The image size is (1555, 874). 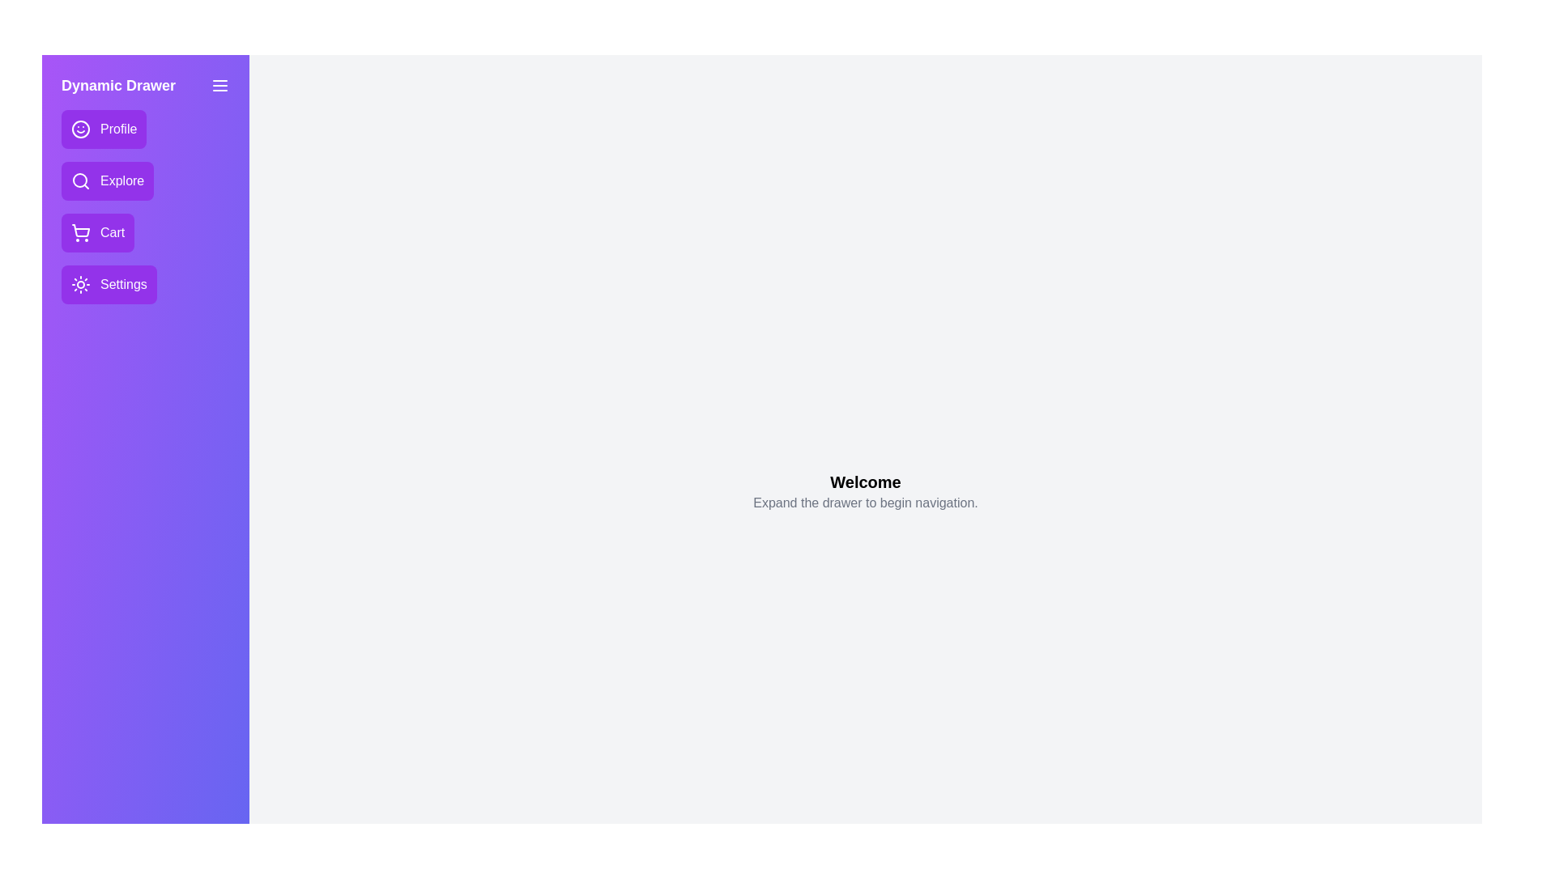 I want to click on the navigation item Profile from the drawer, so click(x=103, y=128).